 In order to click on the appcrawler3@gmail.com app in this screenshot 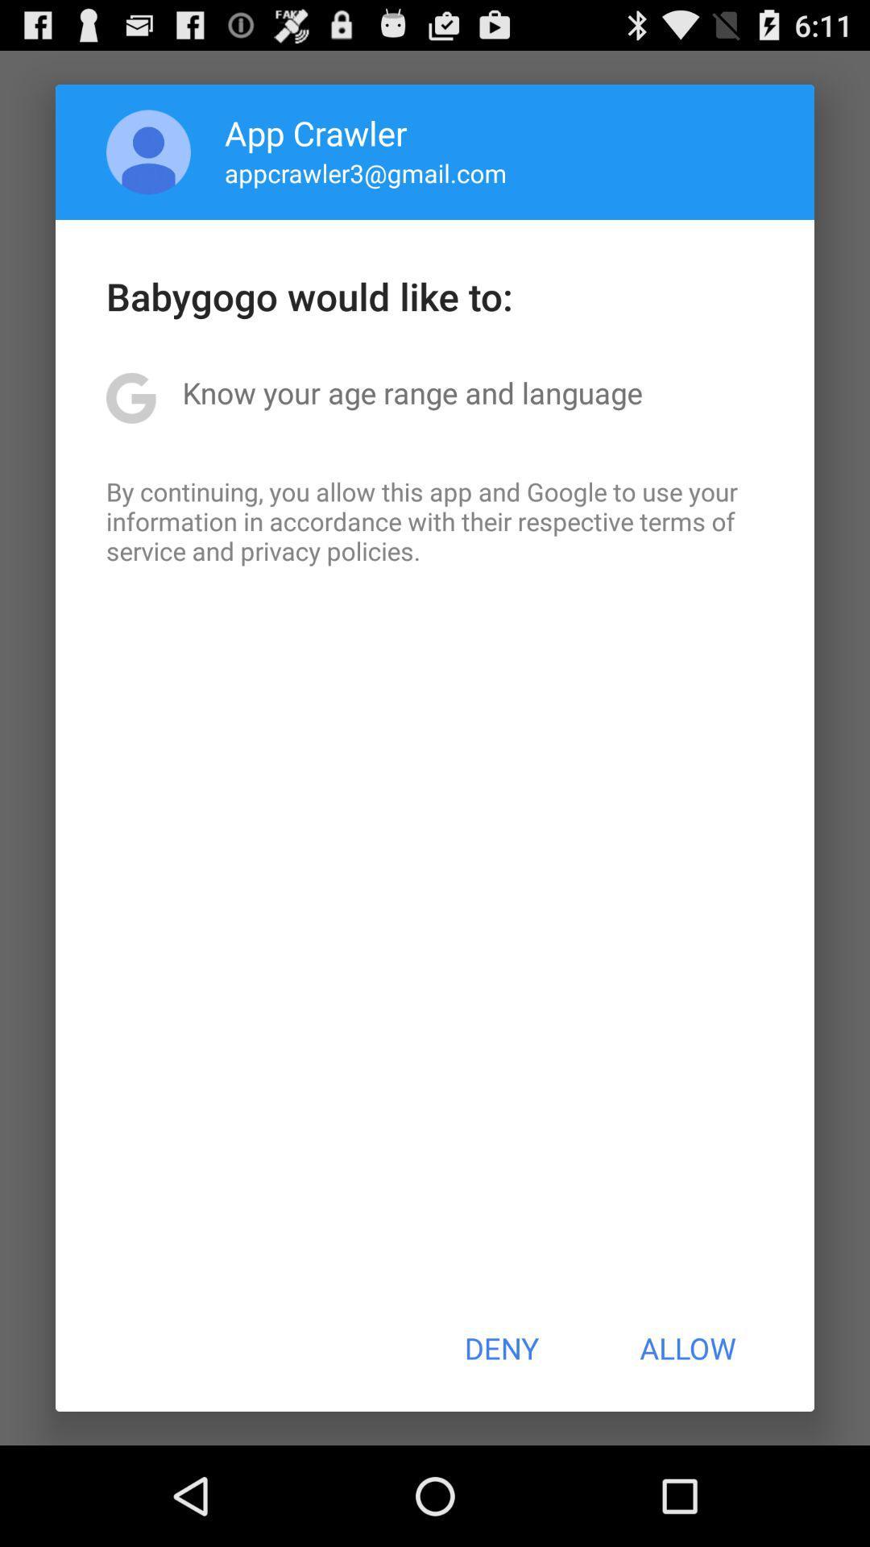, I will do `click(366, 172)`.